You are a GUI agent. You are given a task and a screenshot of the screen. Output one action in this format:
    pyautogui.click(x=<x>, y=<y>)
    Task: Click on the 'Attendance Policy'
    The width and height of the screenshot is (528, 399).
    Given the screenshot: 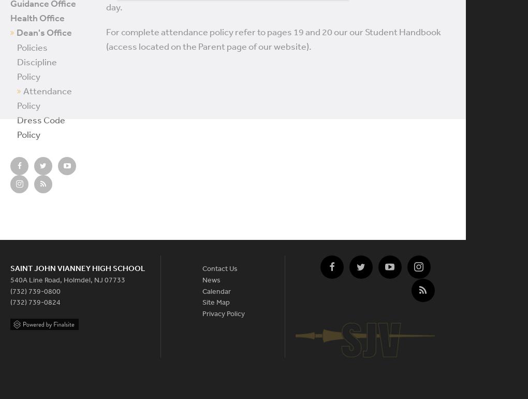 What is the action you would take?
    pyautogui.click(x=44, y=98)
    